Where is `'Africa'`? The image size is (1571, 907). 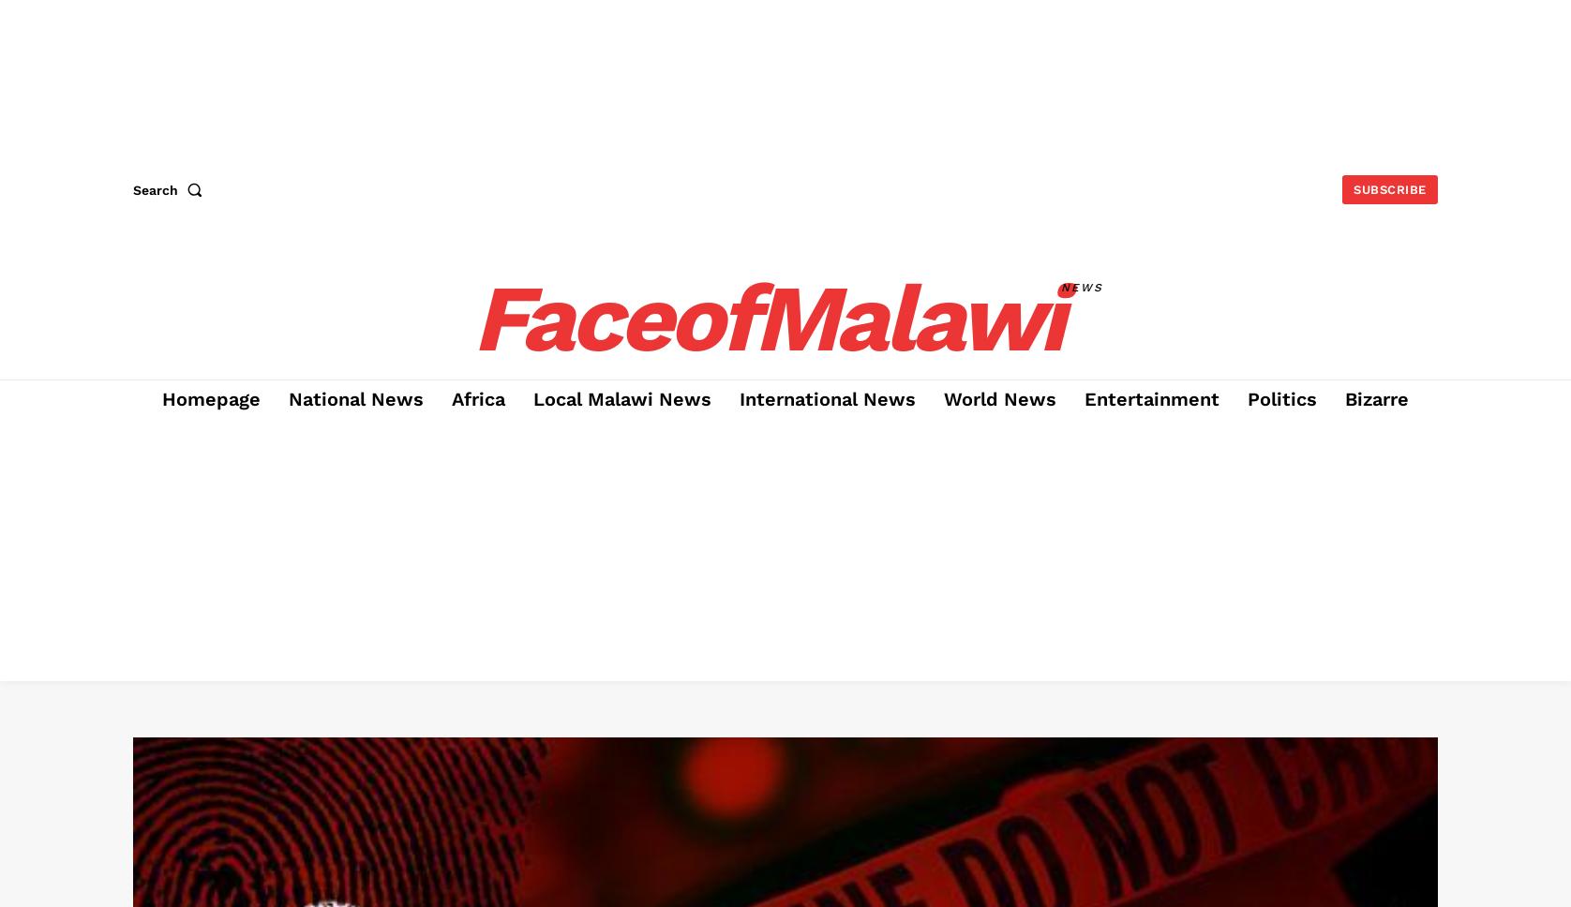 'Africa' is located at coordinates (478, 399).